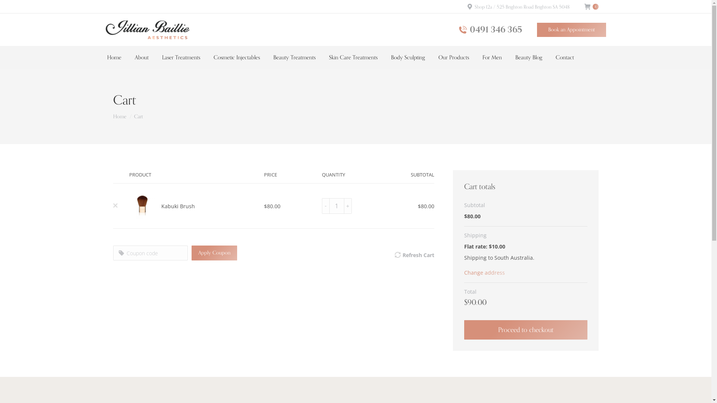  Describe the element at coordinates (463, 272) in the screenshot. I see `'Change address'` at that location.